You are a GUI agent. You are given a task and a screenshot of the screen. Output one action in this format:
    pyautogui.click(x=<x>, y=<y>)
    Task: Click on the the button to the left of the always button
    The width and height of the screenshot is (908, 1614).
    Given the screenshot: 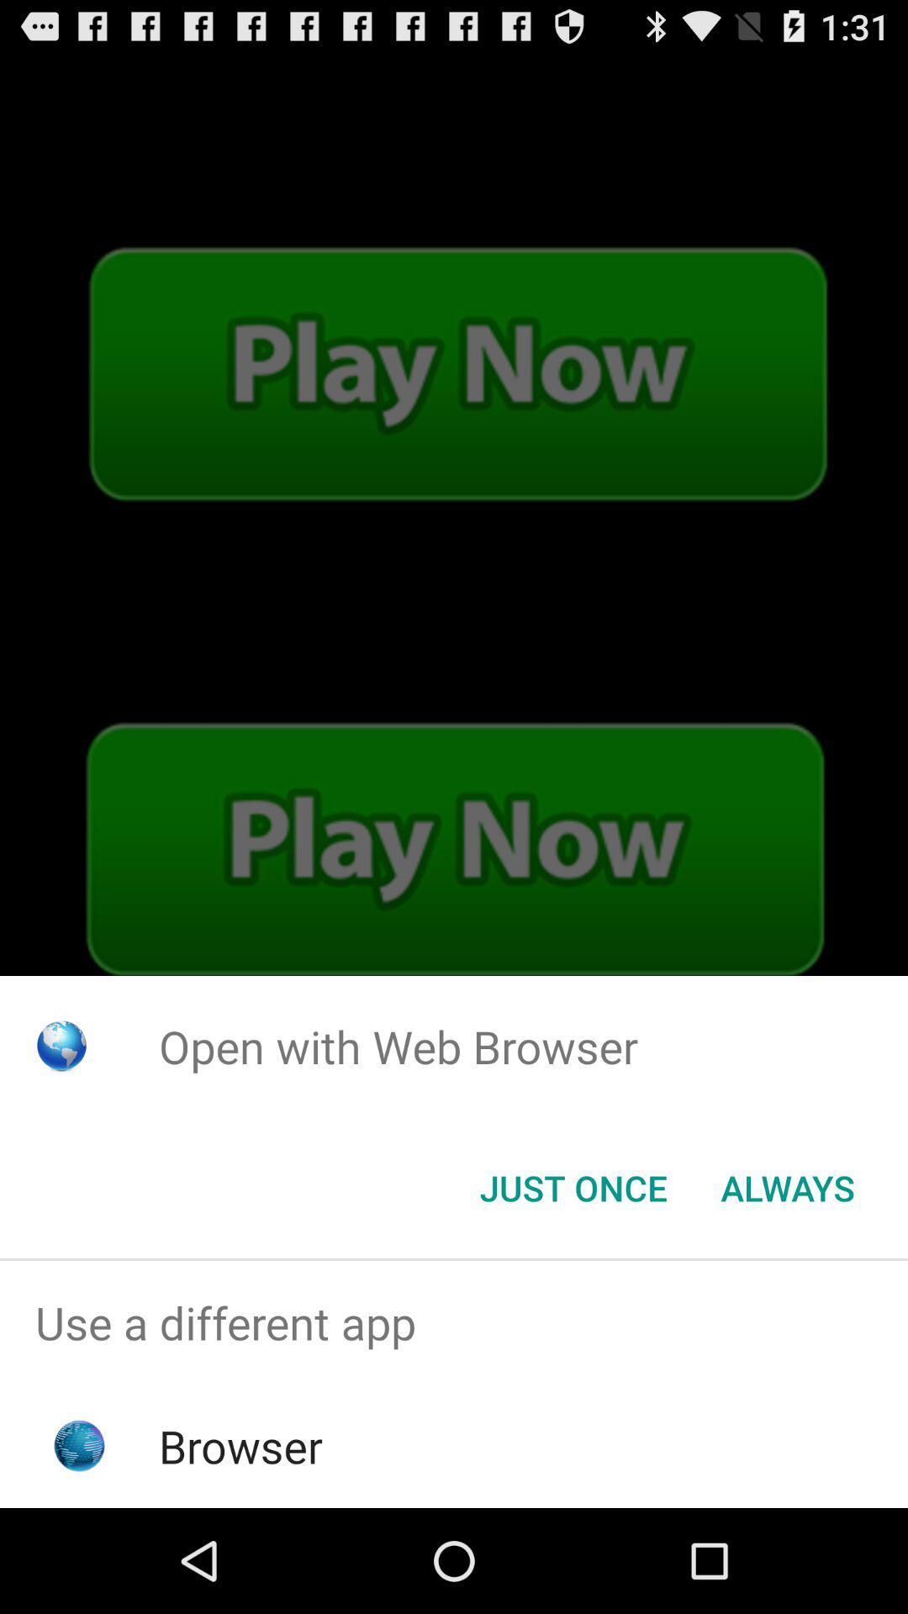 What is the action you would take?
    pyautogui.click(x=573, y=1186)
    